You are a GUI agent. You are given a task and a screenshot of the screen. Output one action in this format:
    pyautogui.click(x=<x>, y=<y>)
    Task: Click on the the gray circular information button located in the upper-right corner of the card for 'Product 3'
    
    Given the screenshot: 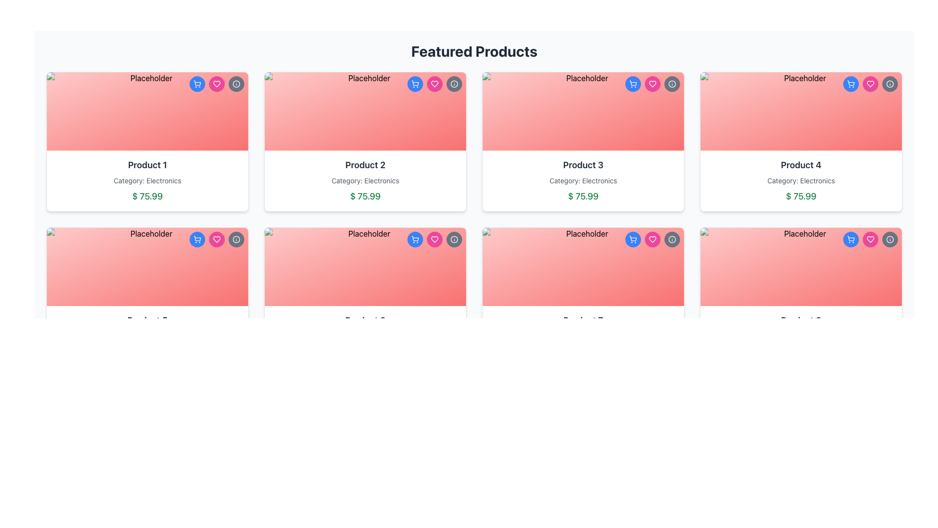 What is the action you would take?
    pyautogui.click(x=672, y=239)
    